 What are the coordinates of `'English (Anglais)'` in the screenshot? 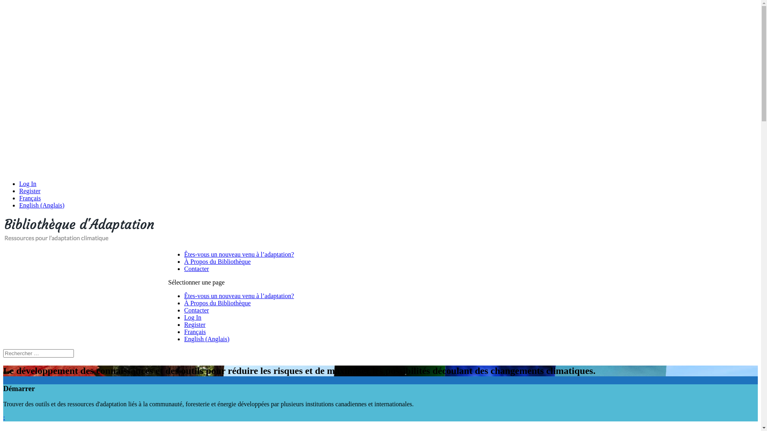 It's located at (41, 205).